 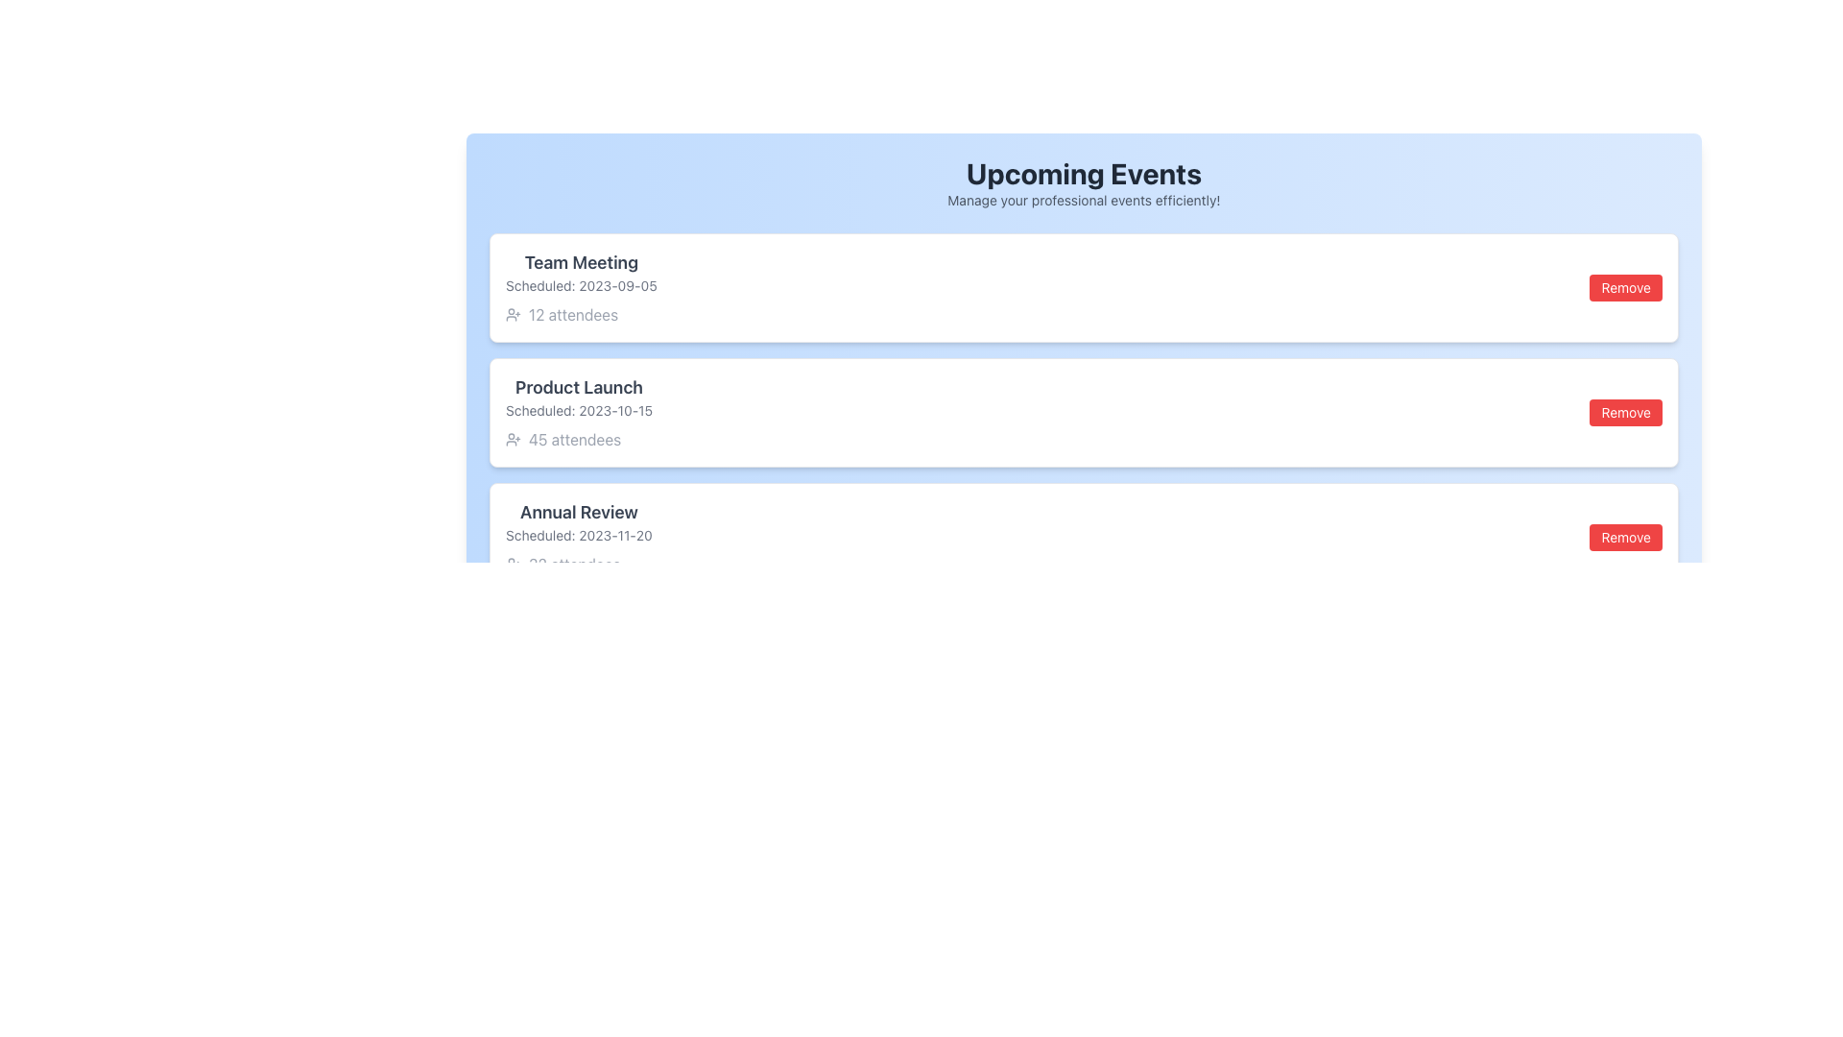 What do you see at coordinates (580, 288) in the screenshot?
I see `text content of the 'Team Meeting' event displayed in the text block located under the 'Upcoming Events' heading` at bounding box center [580, 288].